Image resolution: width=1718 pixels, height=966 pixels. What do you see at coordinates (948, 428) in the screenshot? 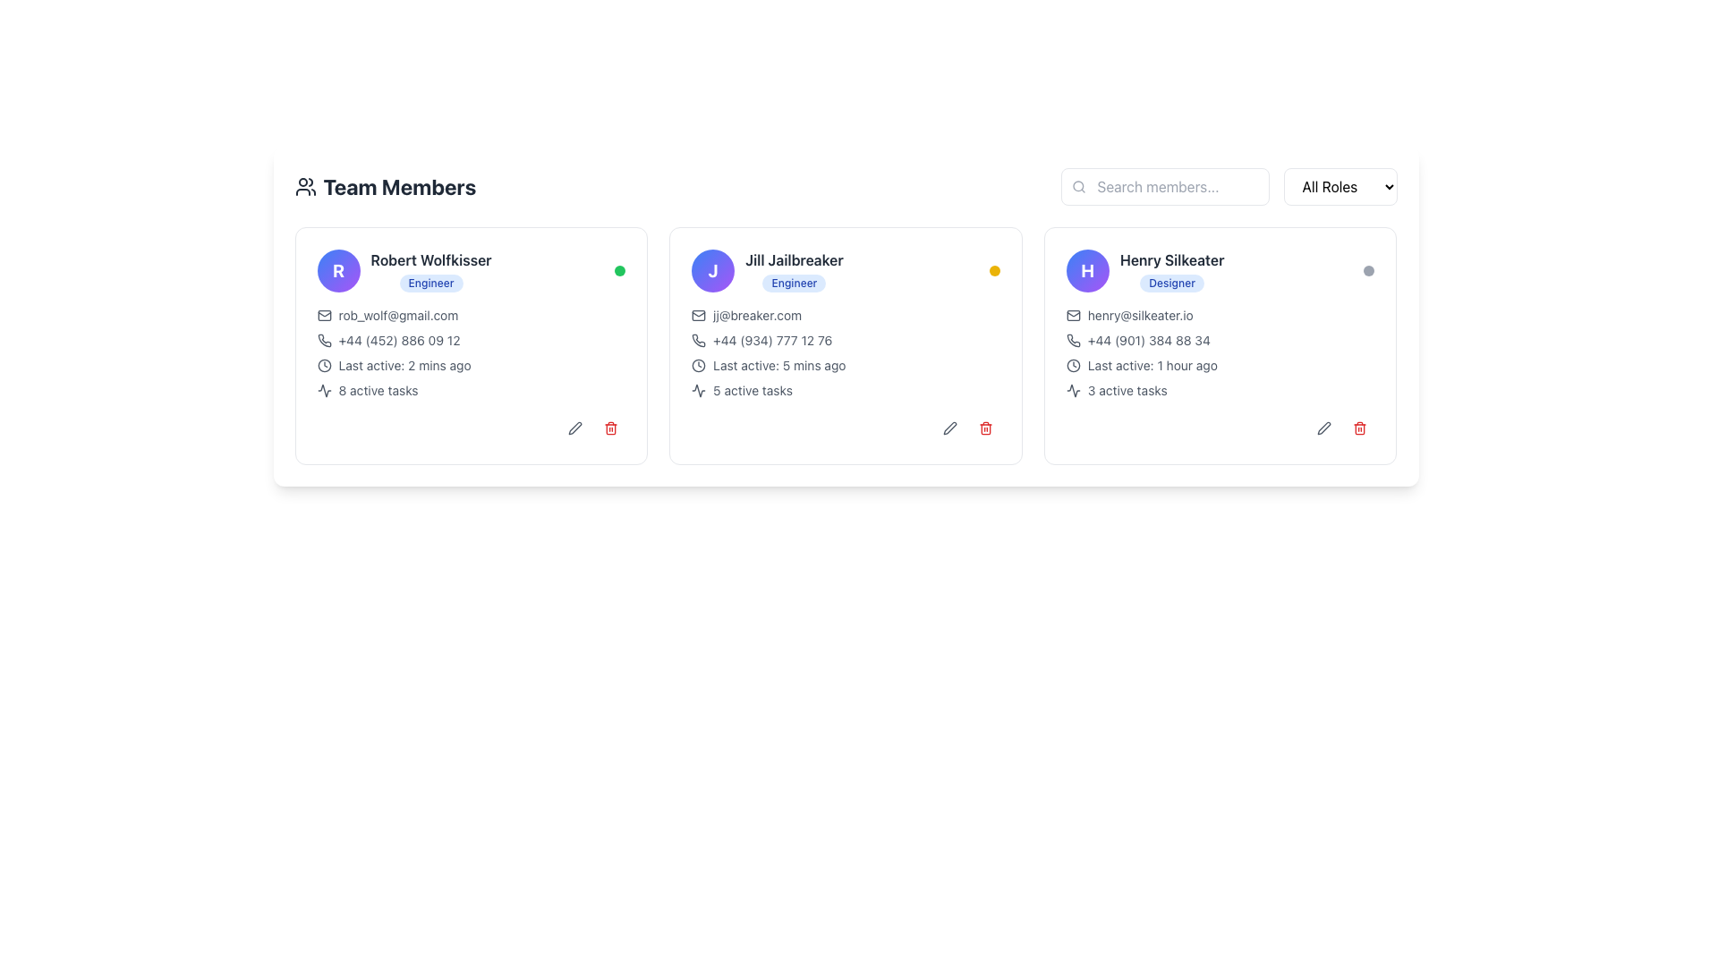
I see `the pen icon located at the bottom right corner of Jill Jailbreaker's user card` at bounding box center [948, 428].